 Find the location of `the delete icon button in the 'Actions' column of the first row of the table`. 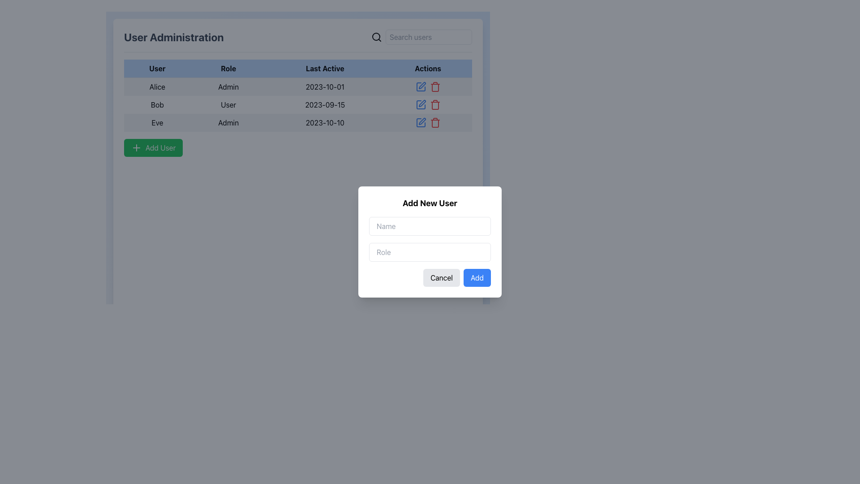

the delete icon button in the 'Actions' column of the first row of the table is located at coordinates (435, 86).